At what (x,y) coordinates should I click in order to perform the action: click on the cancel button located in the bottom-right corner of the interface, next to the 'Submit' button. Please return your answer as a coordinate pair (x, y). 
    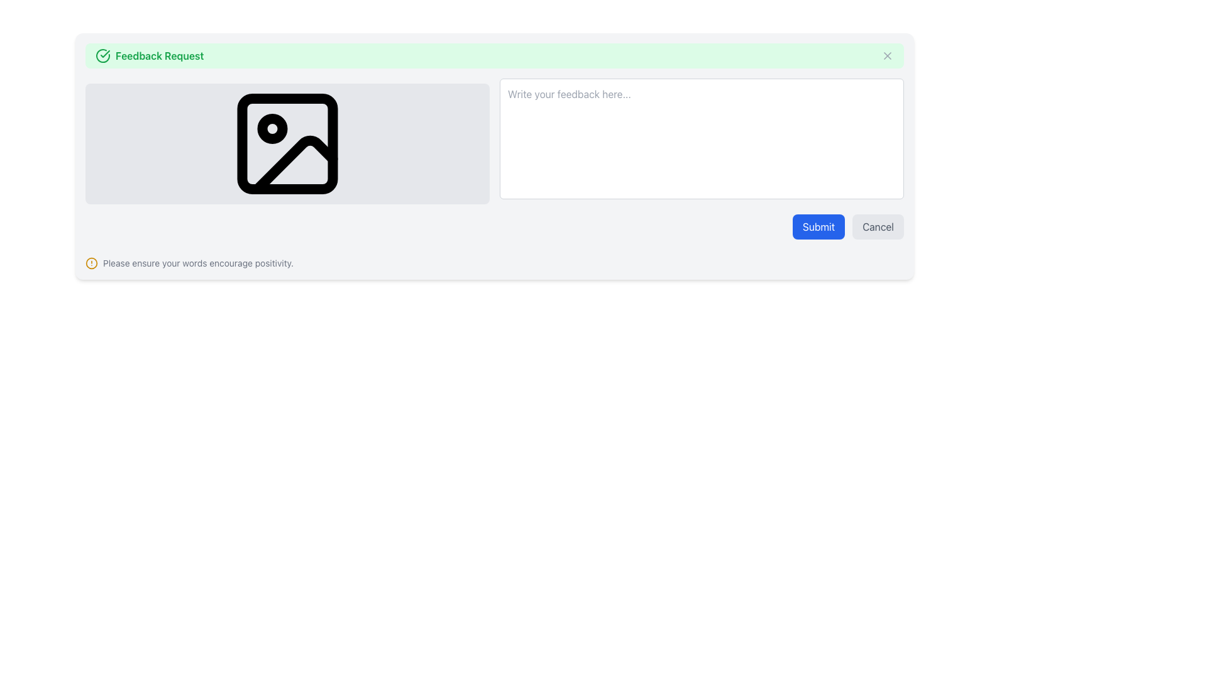
    Looking at the image, I should click on (877, 227).